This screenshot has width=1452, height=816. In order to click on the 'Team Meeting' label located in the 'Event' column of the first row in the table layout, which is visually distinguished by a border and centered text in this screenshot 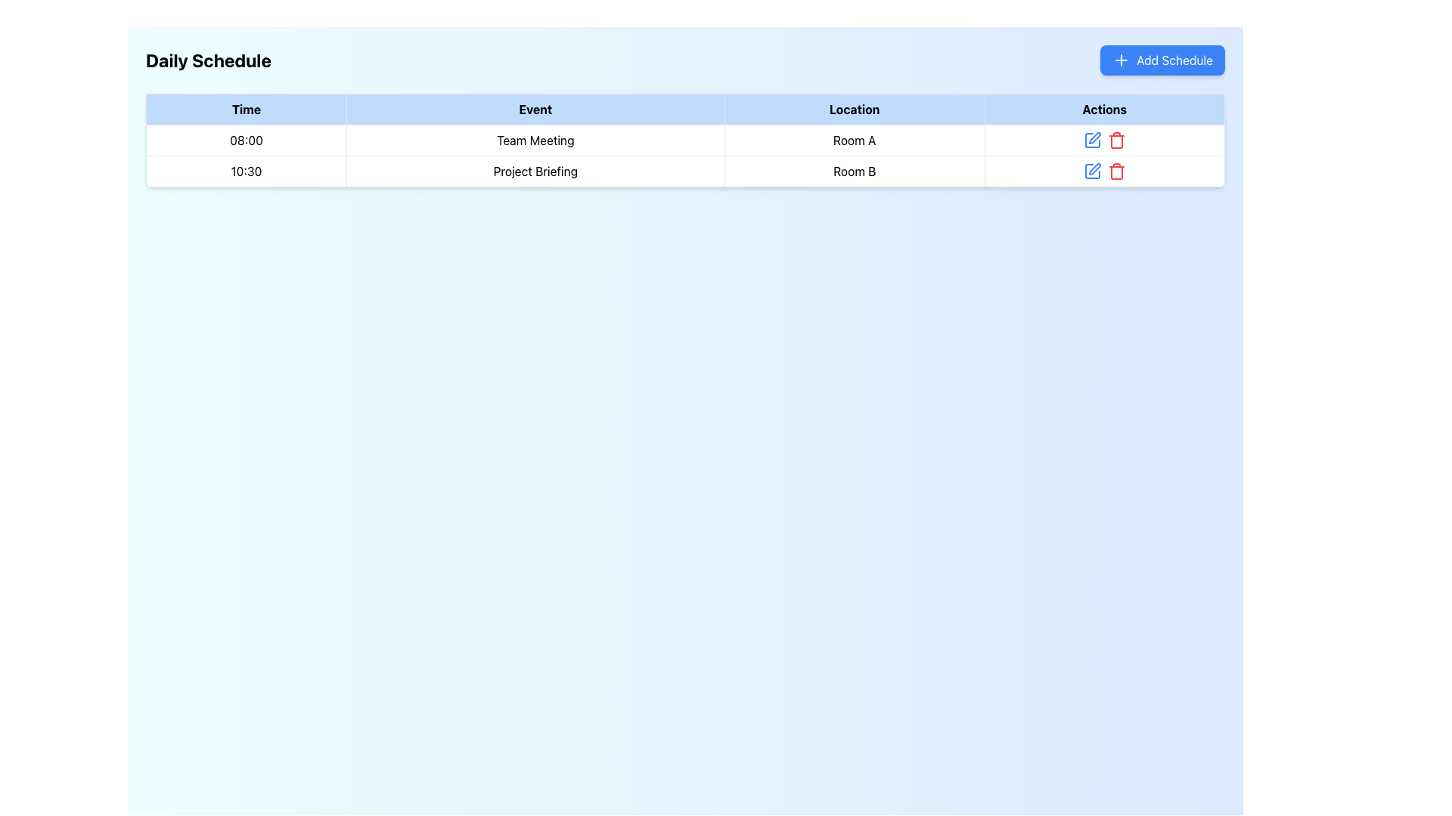, I will do `click(535, 140)`.